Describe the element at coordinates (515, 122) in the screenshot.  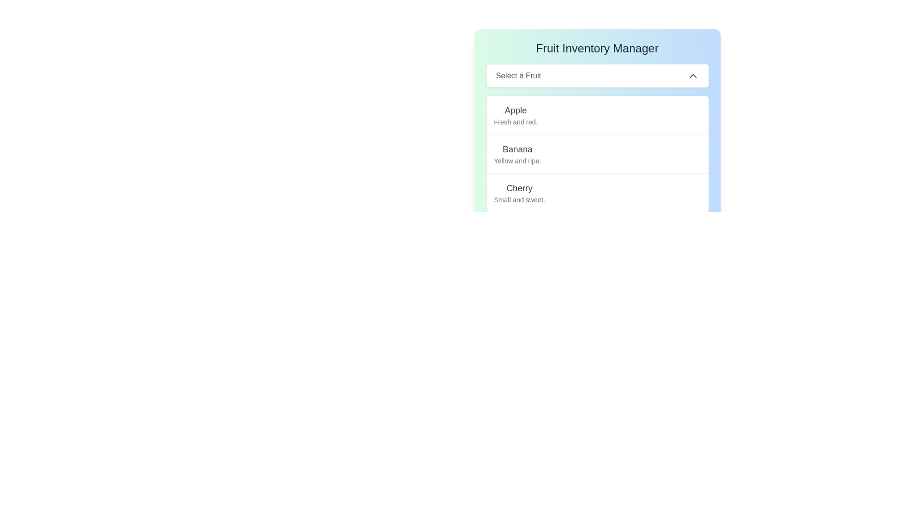
I see `the text label displaying 'Fresh and red.' located directly below the main text 'Apple'` at that location.